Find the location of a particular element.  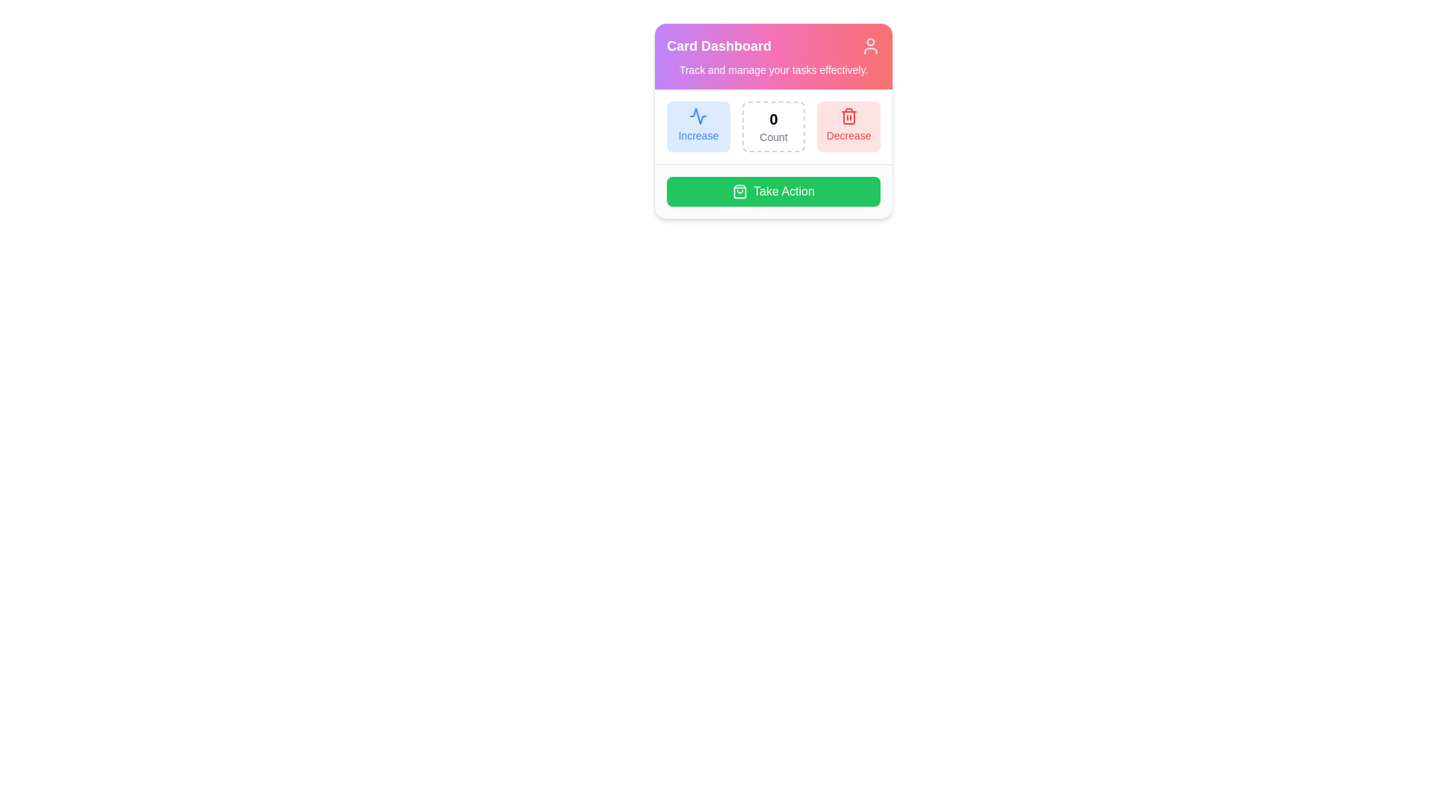

the user profile icon located at the top-right corner of the card interface is located at coordinates (871, 45).